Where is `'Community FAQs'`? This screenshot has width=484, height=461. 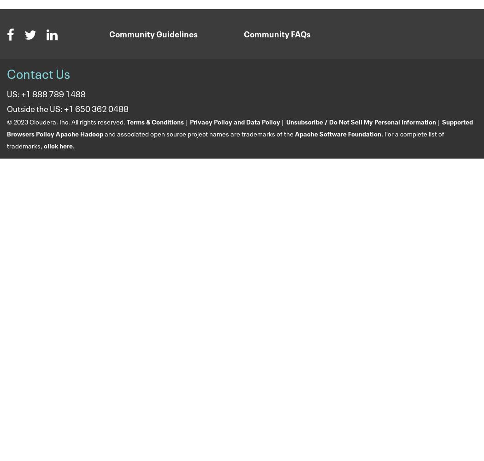 'Community FAQs' is located at coordinates (277, 33).